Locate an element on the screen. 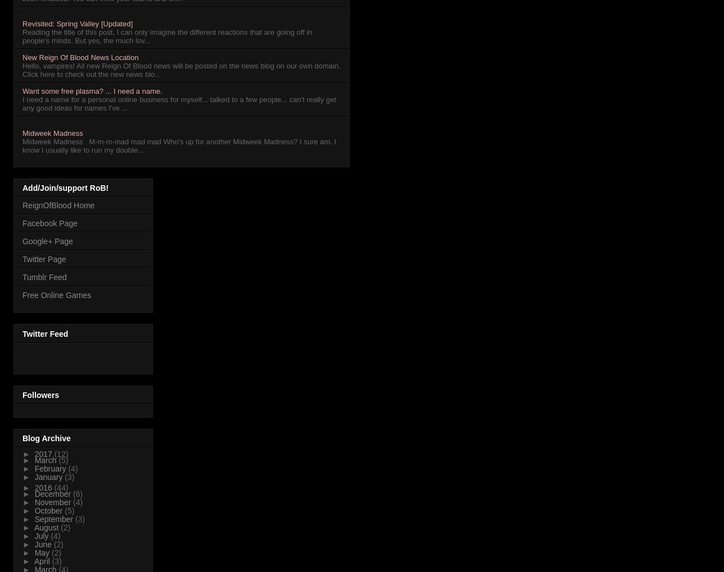  '(12)' is located at coordinates (53, 453).